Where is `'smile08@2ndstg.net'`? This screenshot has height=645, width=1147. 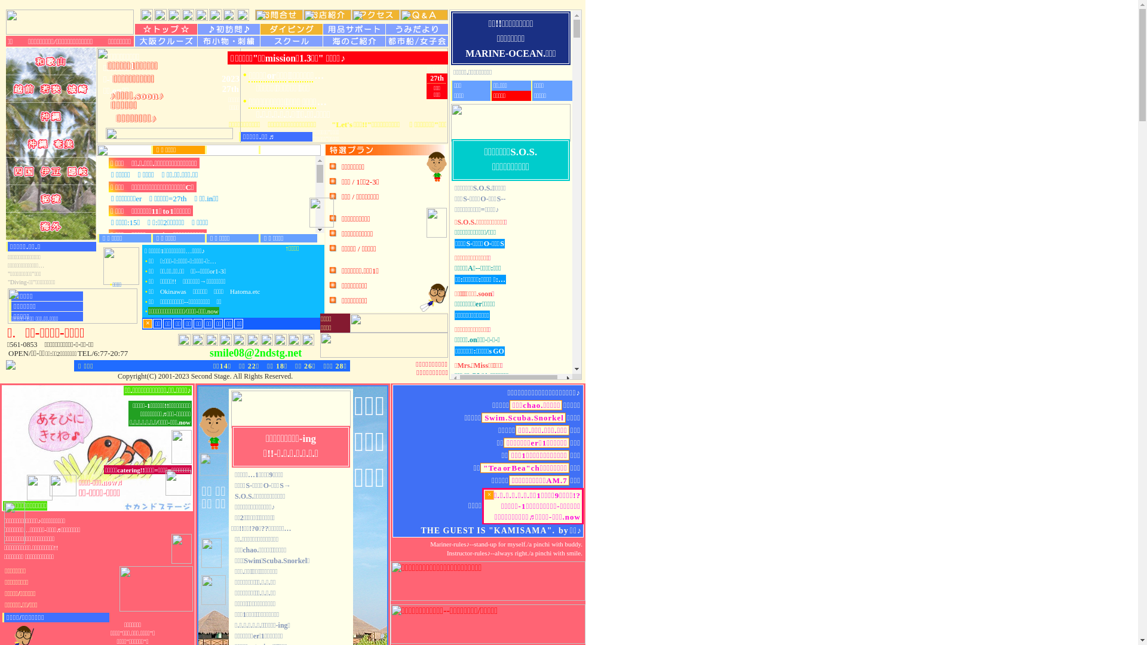
'smile08@2ndstg.net' is located at coordinates (209, 352).